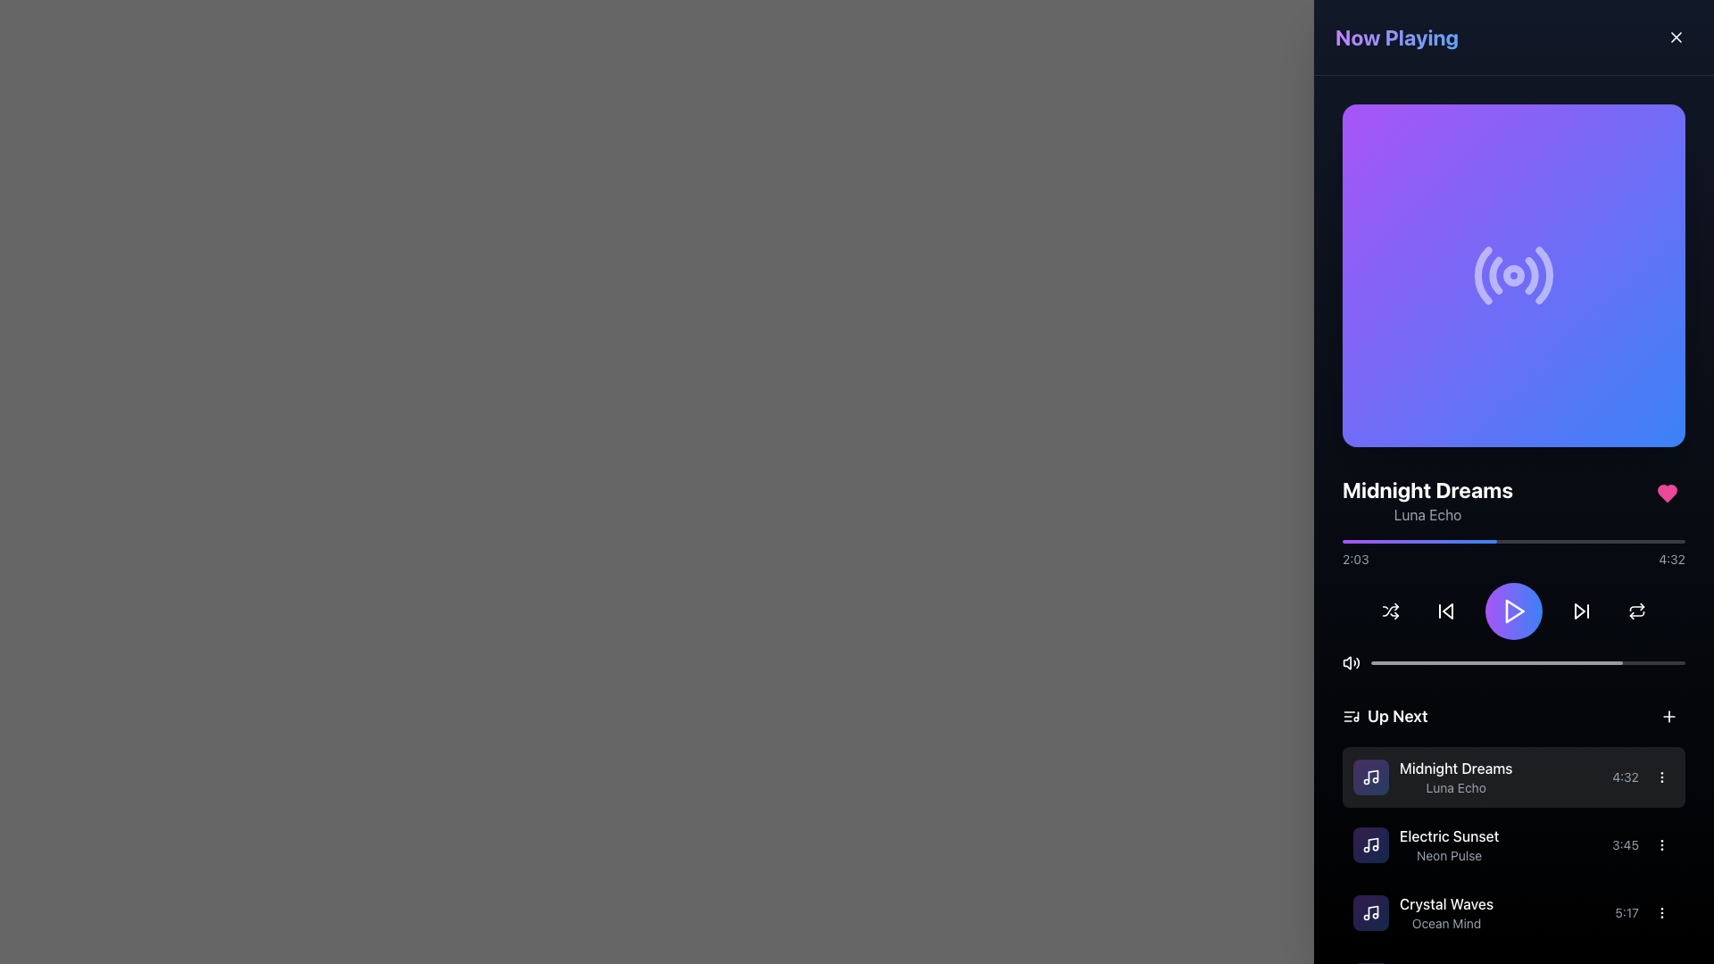  What do you see at coordinates (1425, 844) in the screenshot?
I see `the second list item in the 'Up Next' section` at bounding box center [1425, 844].